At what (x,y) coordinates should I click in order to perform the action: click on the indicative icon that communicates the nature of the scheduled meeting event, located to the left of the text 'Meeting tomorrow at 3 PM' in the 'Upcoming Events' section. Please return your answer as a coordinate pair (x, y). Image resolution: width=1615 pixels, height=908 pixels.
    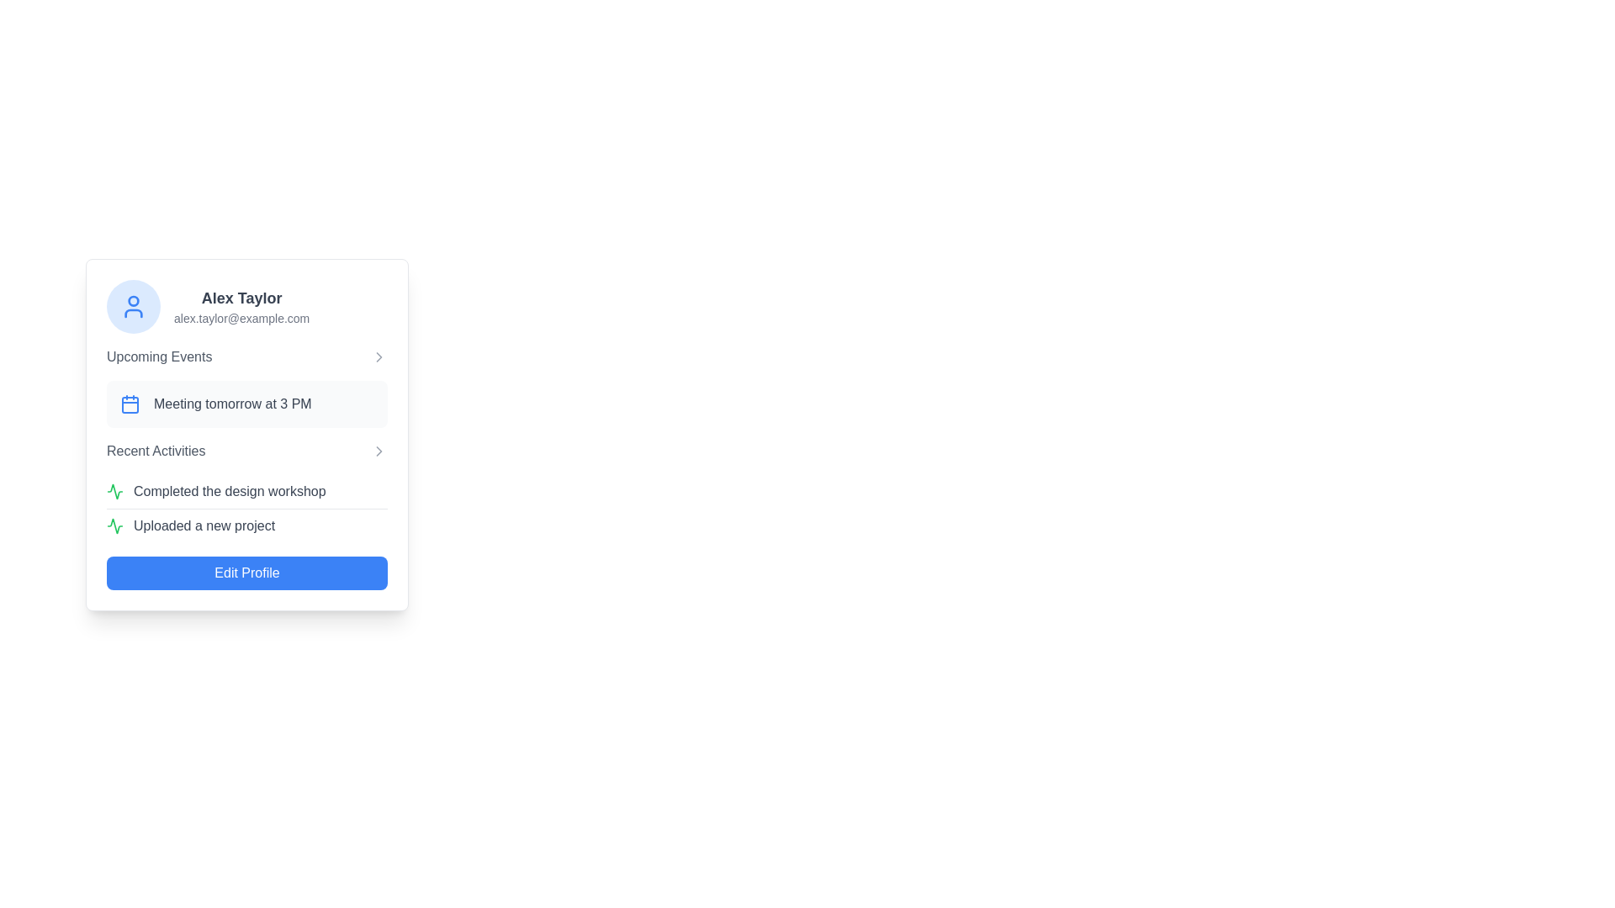
    Looking at the image, I should click on (129, 404).